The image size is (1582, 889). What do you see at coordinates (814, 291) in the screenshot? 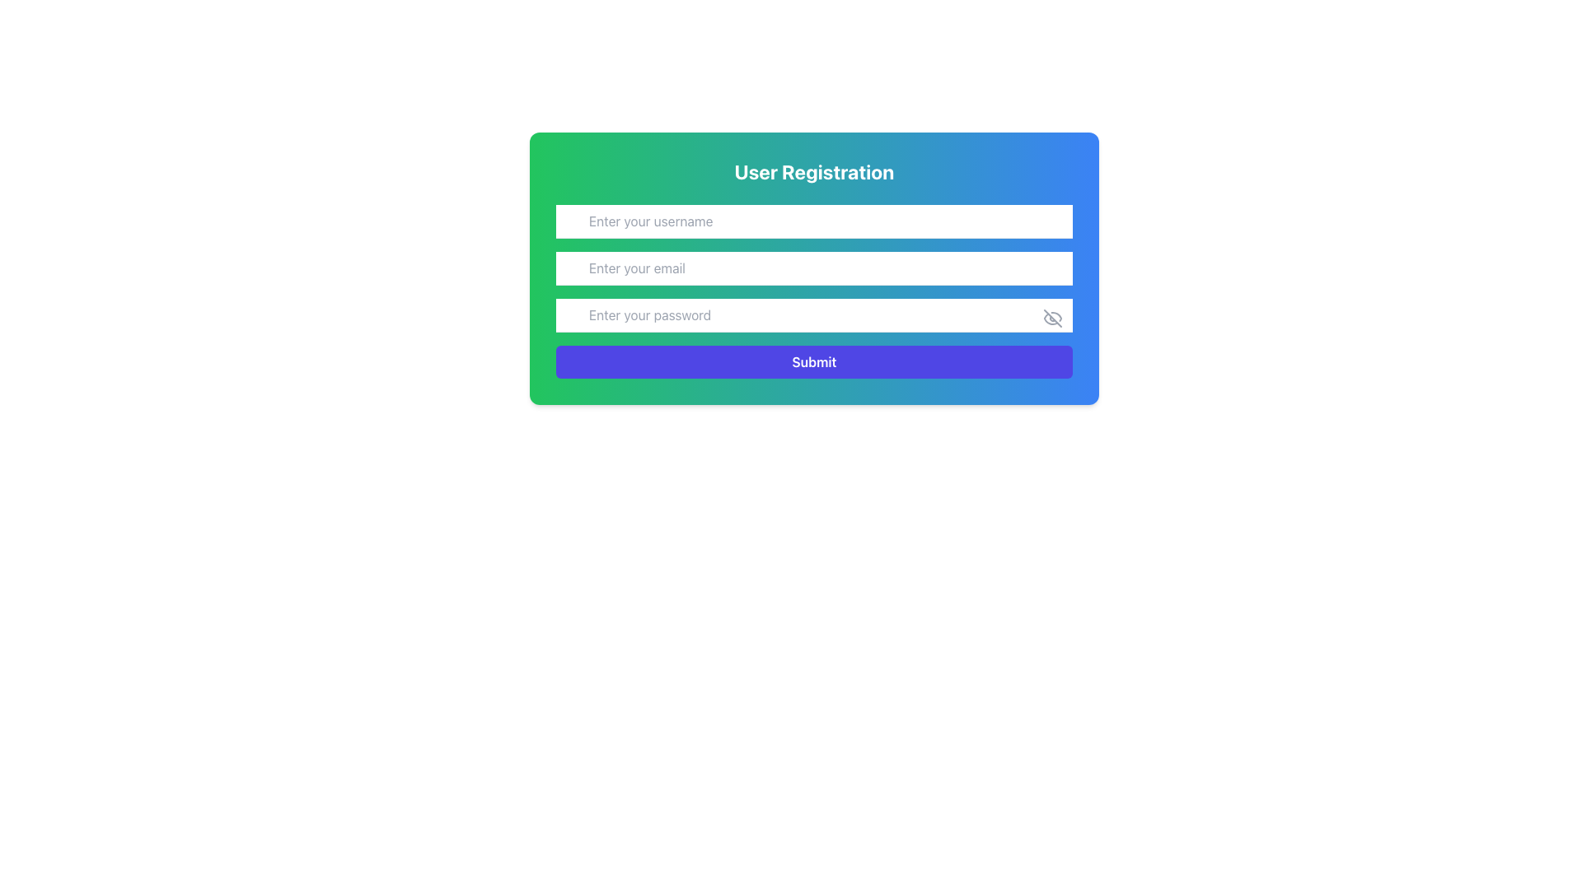
I see `the input fields of the registration form for user input, which is centrally aligned and located below the 'User Registration' title` at bounding box center [814, 291].